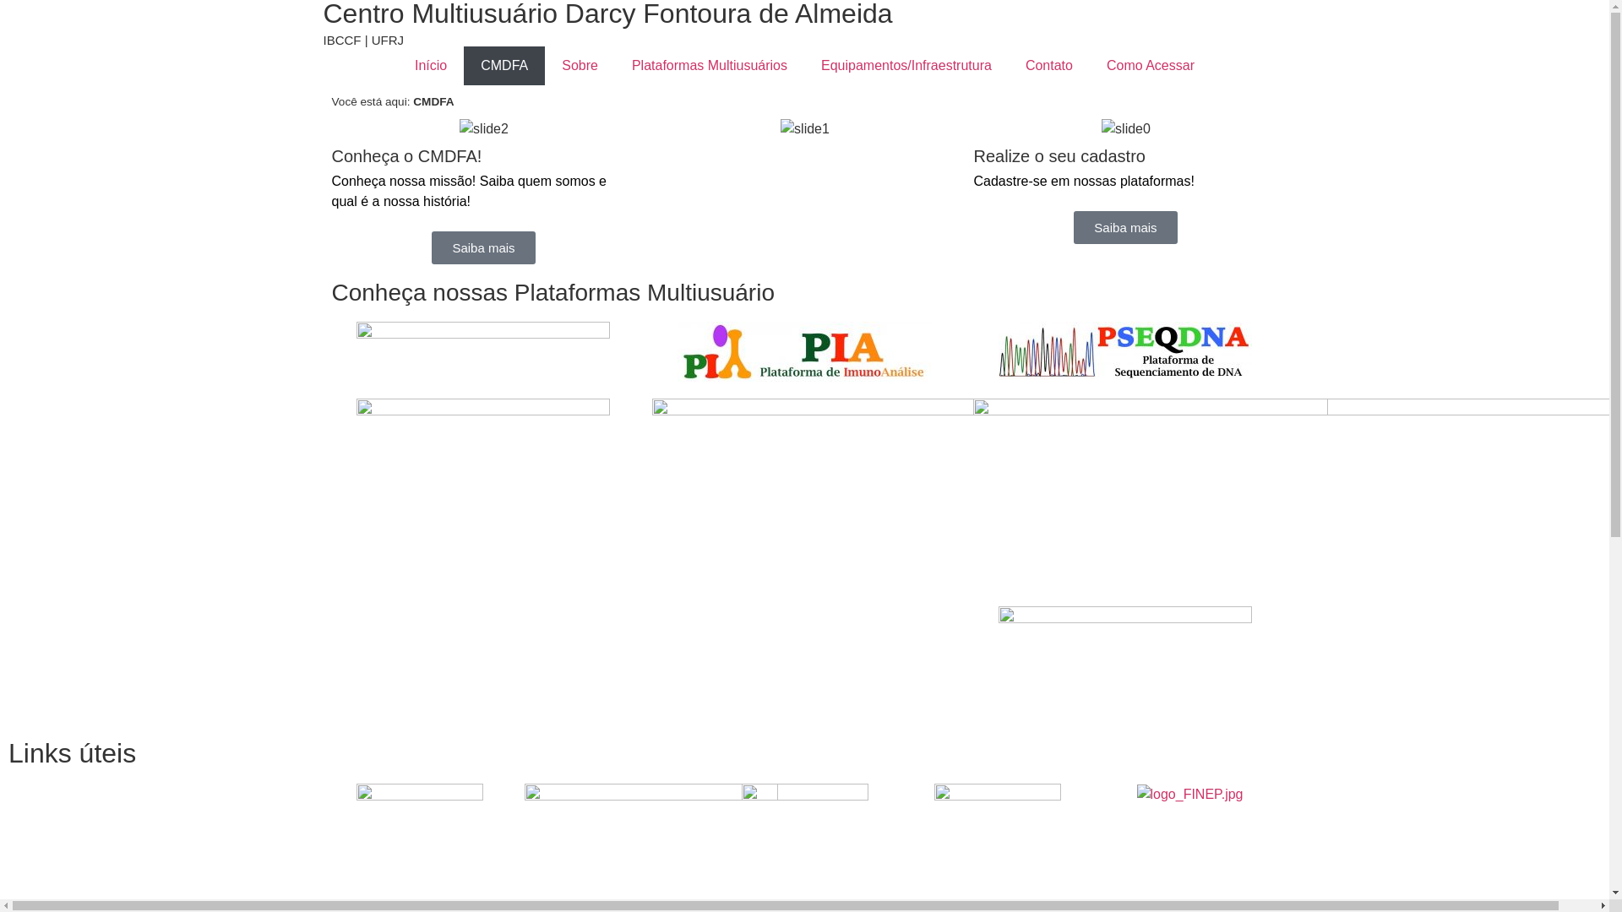 This screenshot has width=1622, height=912. I want to click on 'Saiba mais', so click(482, 247).